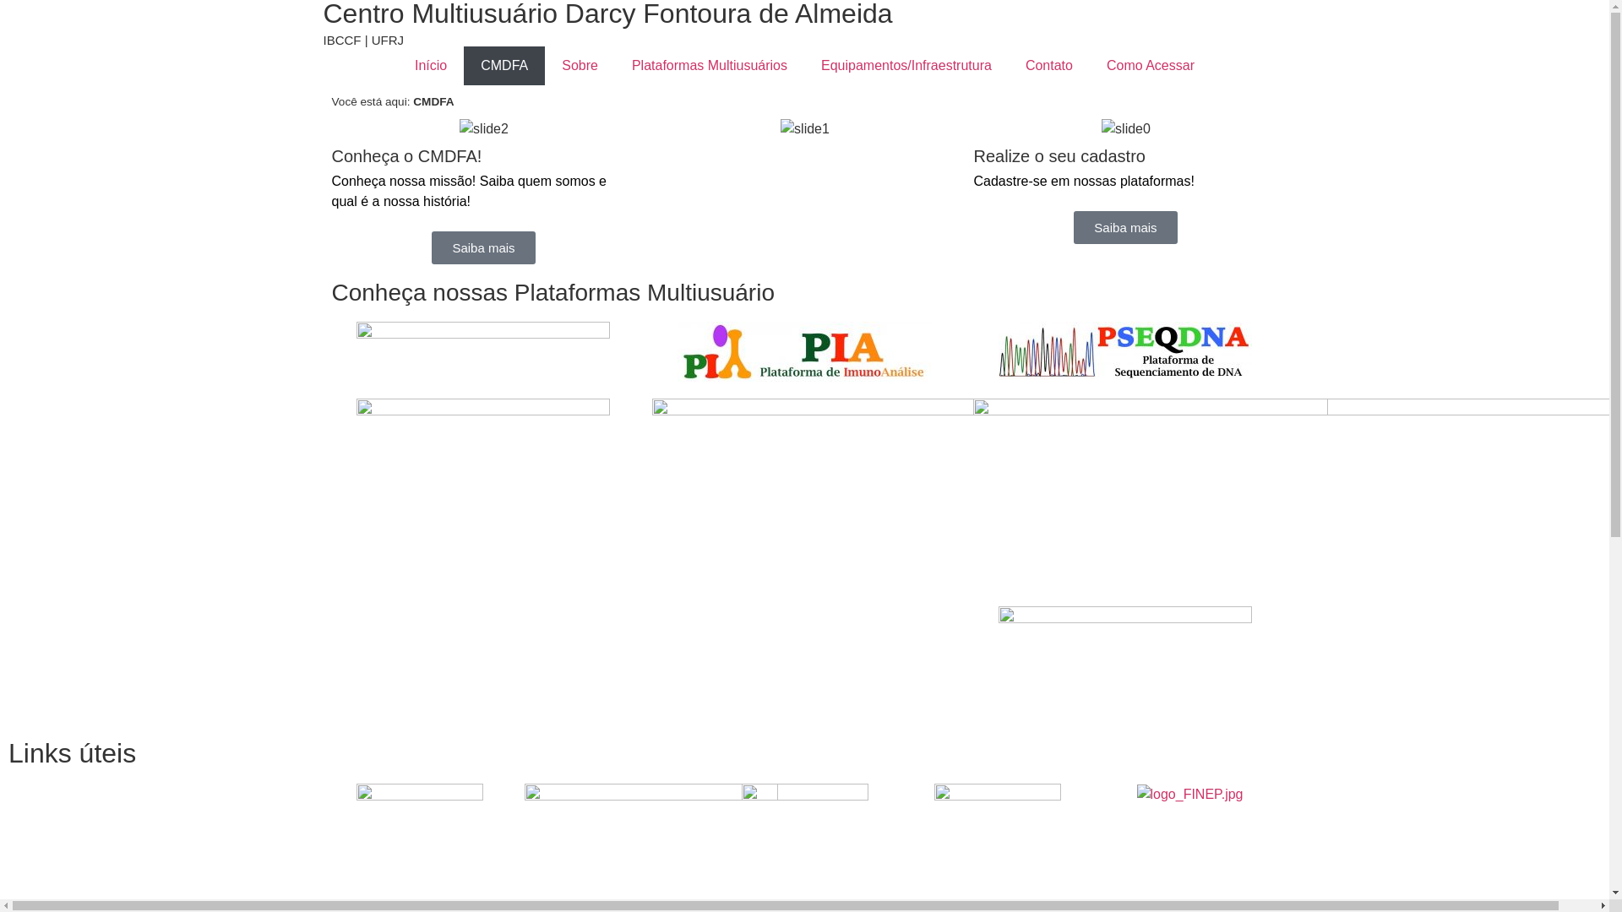 This screenshot has width=1622, height=912. I want to click on 'Saiba mais', so click(482, 247).